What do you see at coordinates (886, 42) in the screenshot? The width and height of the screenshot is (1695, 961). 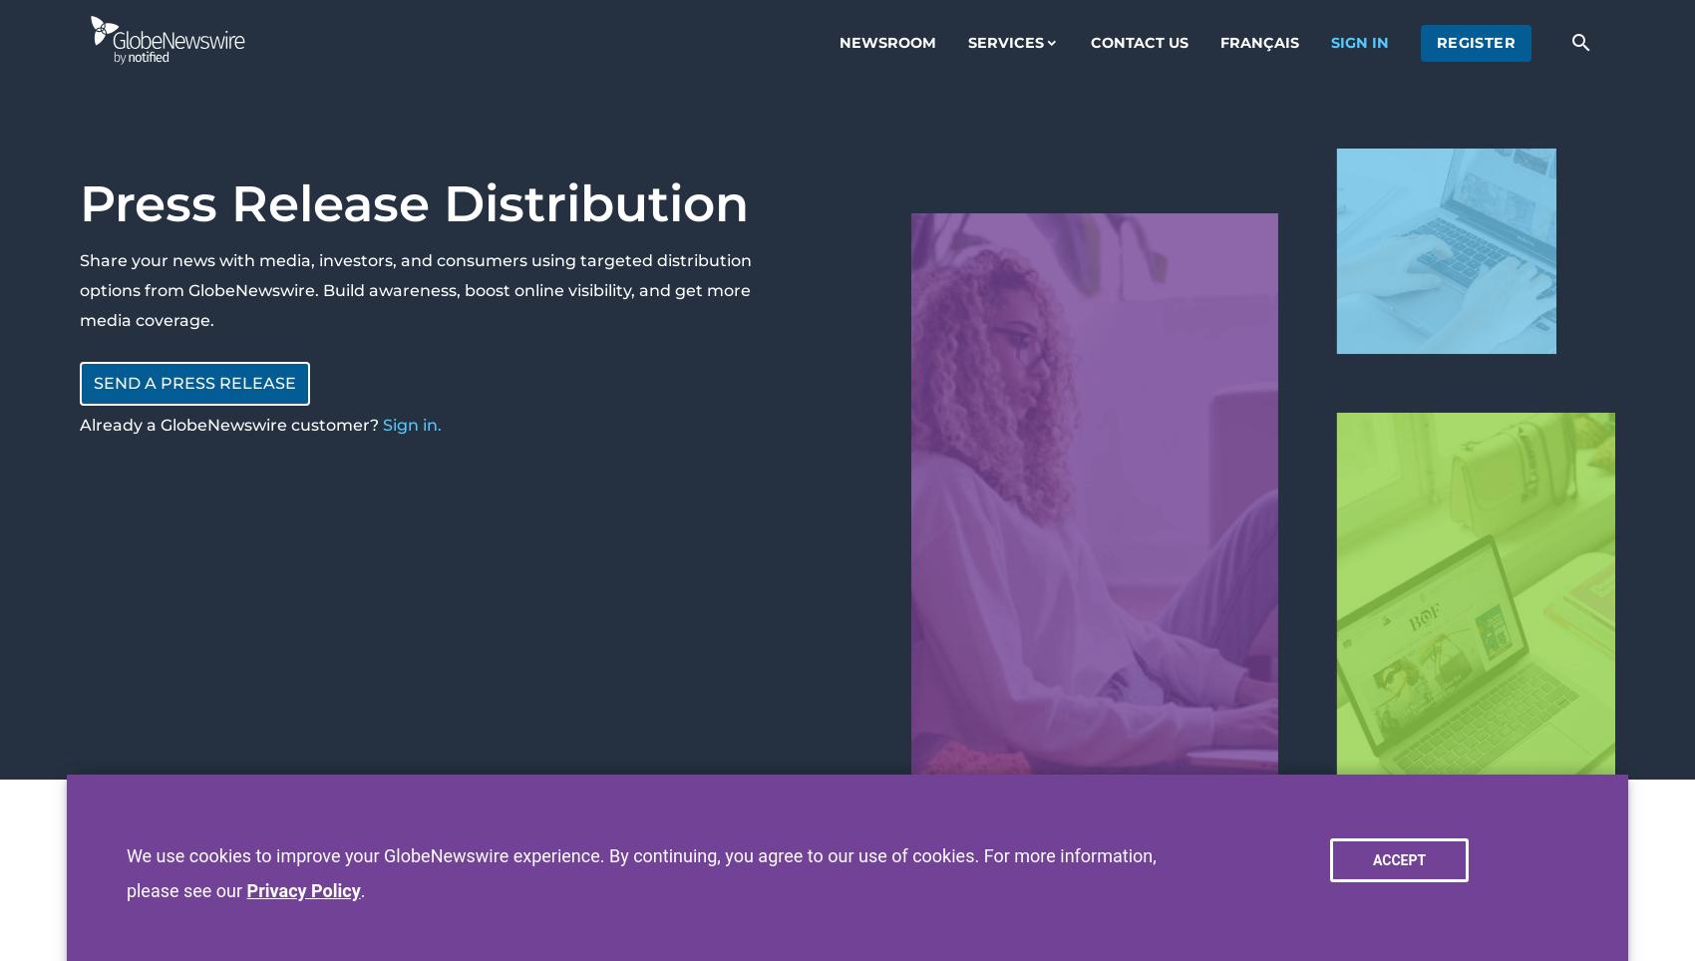 I see `'Newsroom'` at bounding box center [886, 42].